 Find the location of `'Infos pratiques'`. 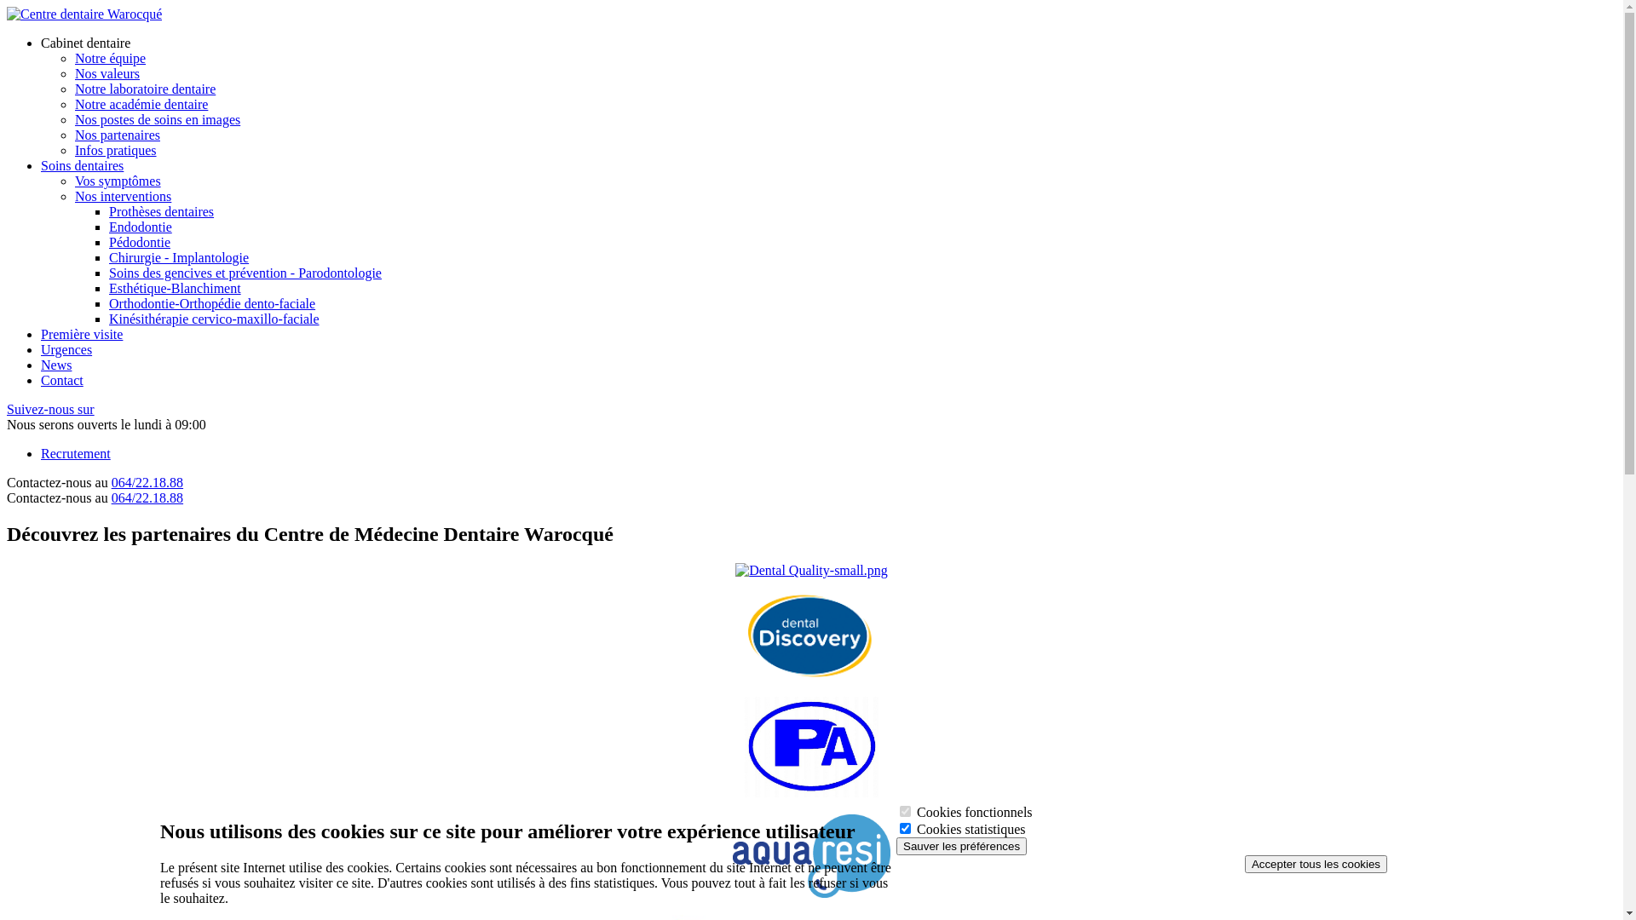

'Infos pratiques' is located at coordinates (114, 149).